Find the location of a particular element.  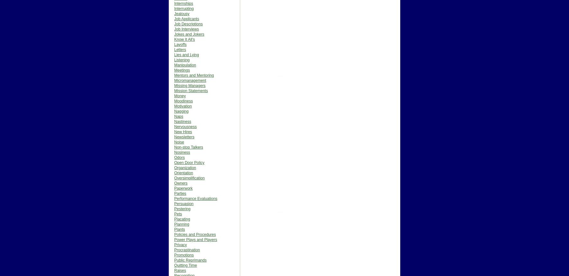

'Pets' is located at coordinates (178, 214).